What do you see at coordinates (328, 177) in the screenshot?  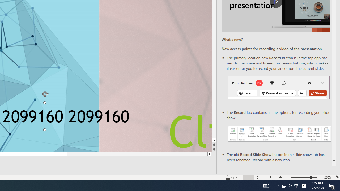 I see `'Zoom 260%'` at bounding box center [328, 177].